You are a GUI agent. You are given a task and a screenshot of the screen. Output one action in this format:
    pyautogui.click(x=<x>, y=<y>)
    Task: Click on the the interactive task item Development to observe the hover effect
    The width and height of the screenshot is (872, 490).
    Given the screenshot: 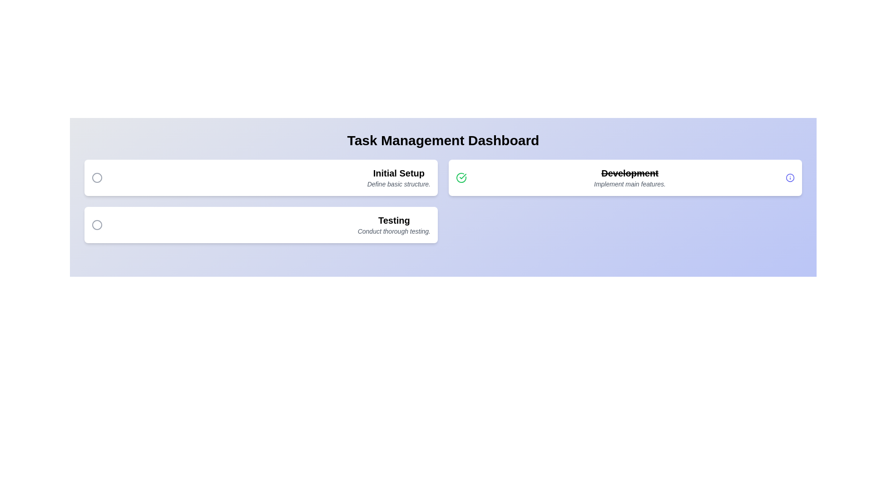 What is the action you would take?
    pyautogui.click(x=625, y=178)
    